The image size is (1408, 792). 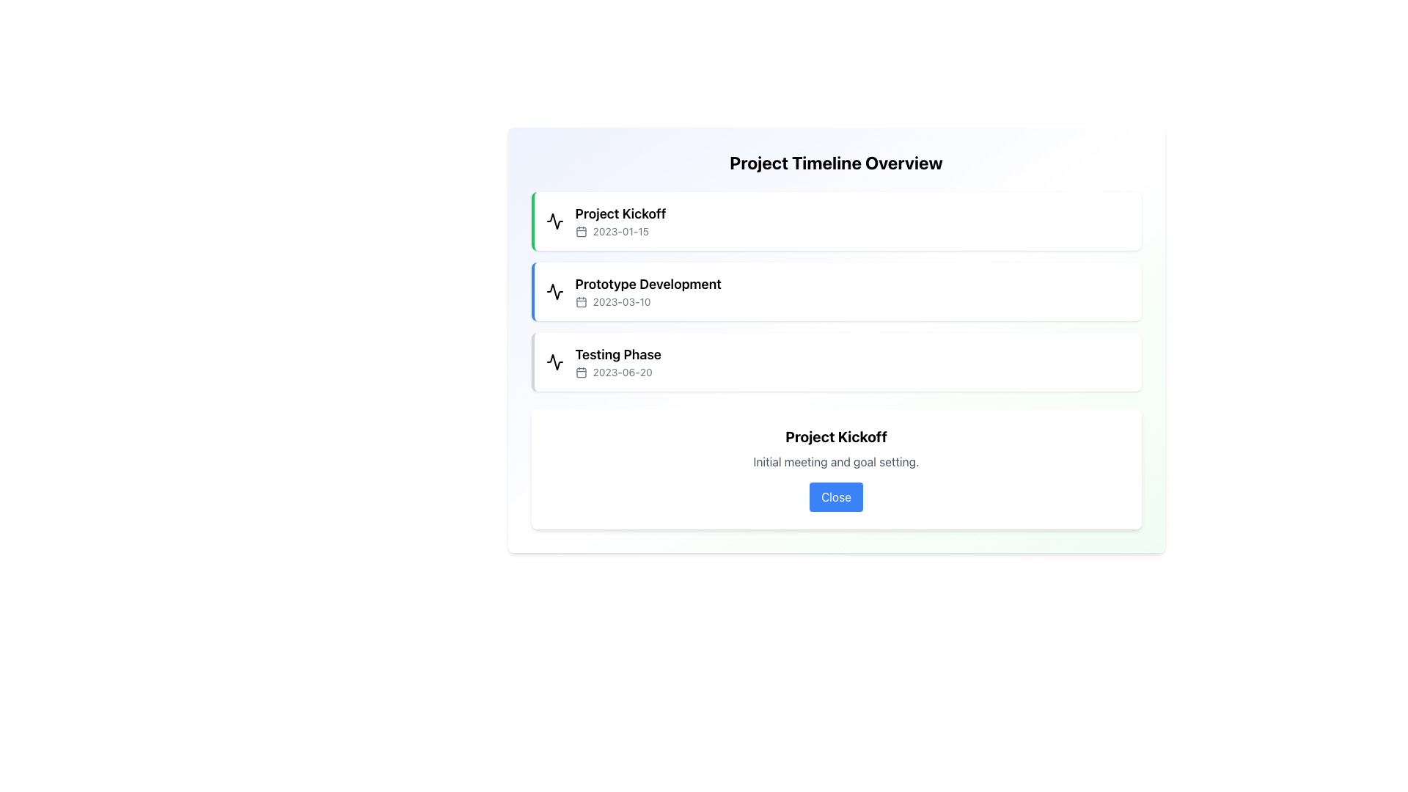 I want to click on the header text element that indicates the title of the section, located above 'Initial meeting and goal setting.' and the 'Close' button, so click(x=836, y=436).